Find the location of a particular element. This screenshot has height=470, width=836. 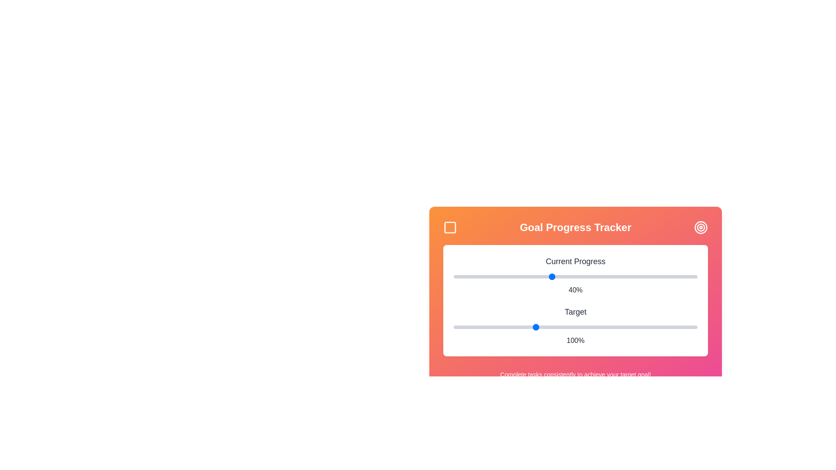

the target icon in the header is located at coordinates (700, 227).